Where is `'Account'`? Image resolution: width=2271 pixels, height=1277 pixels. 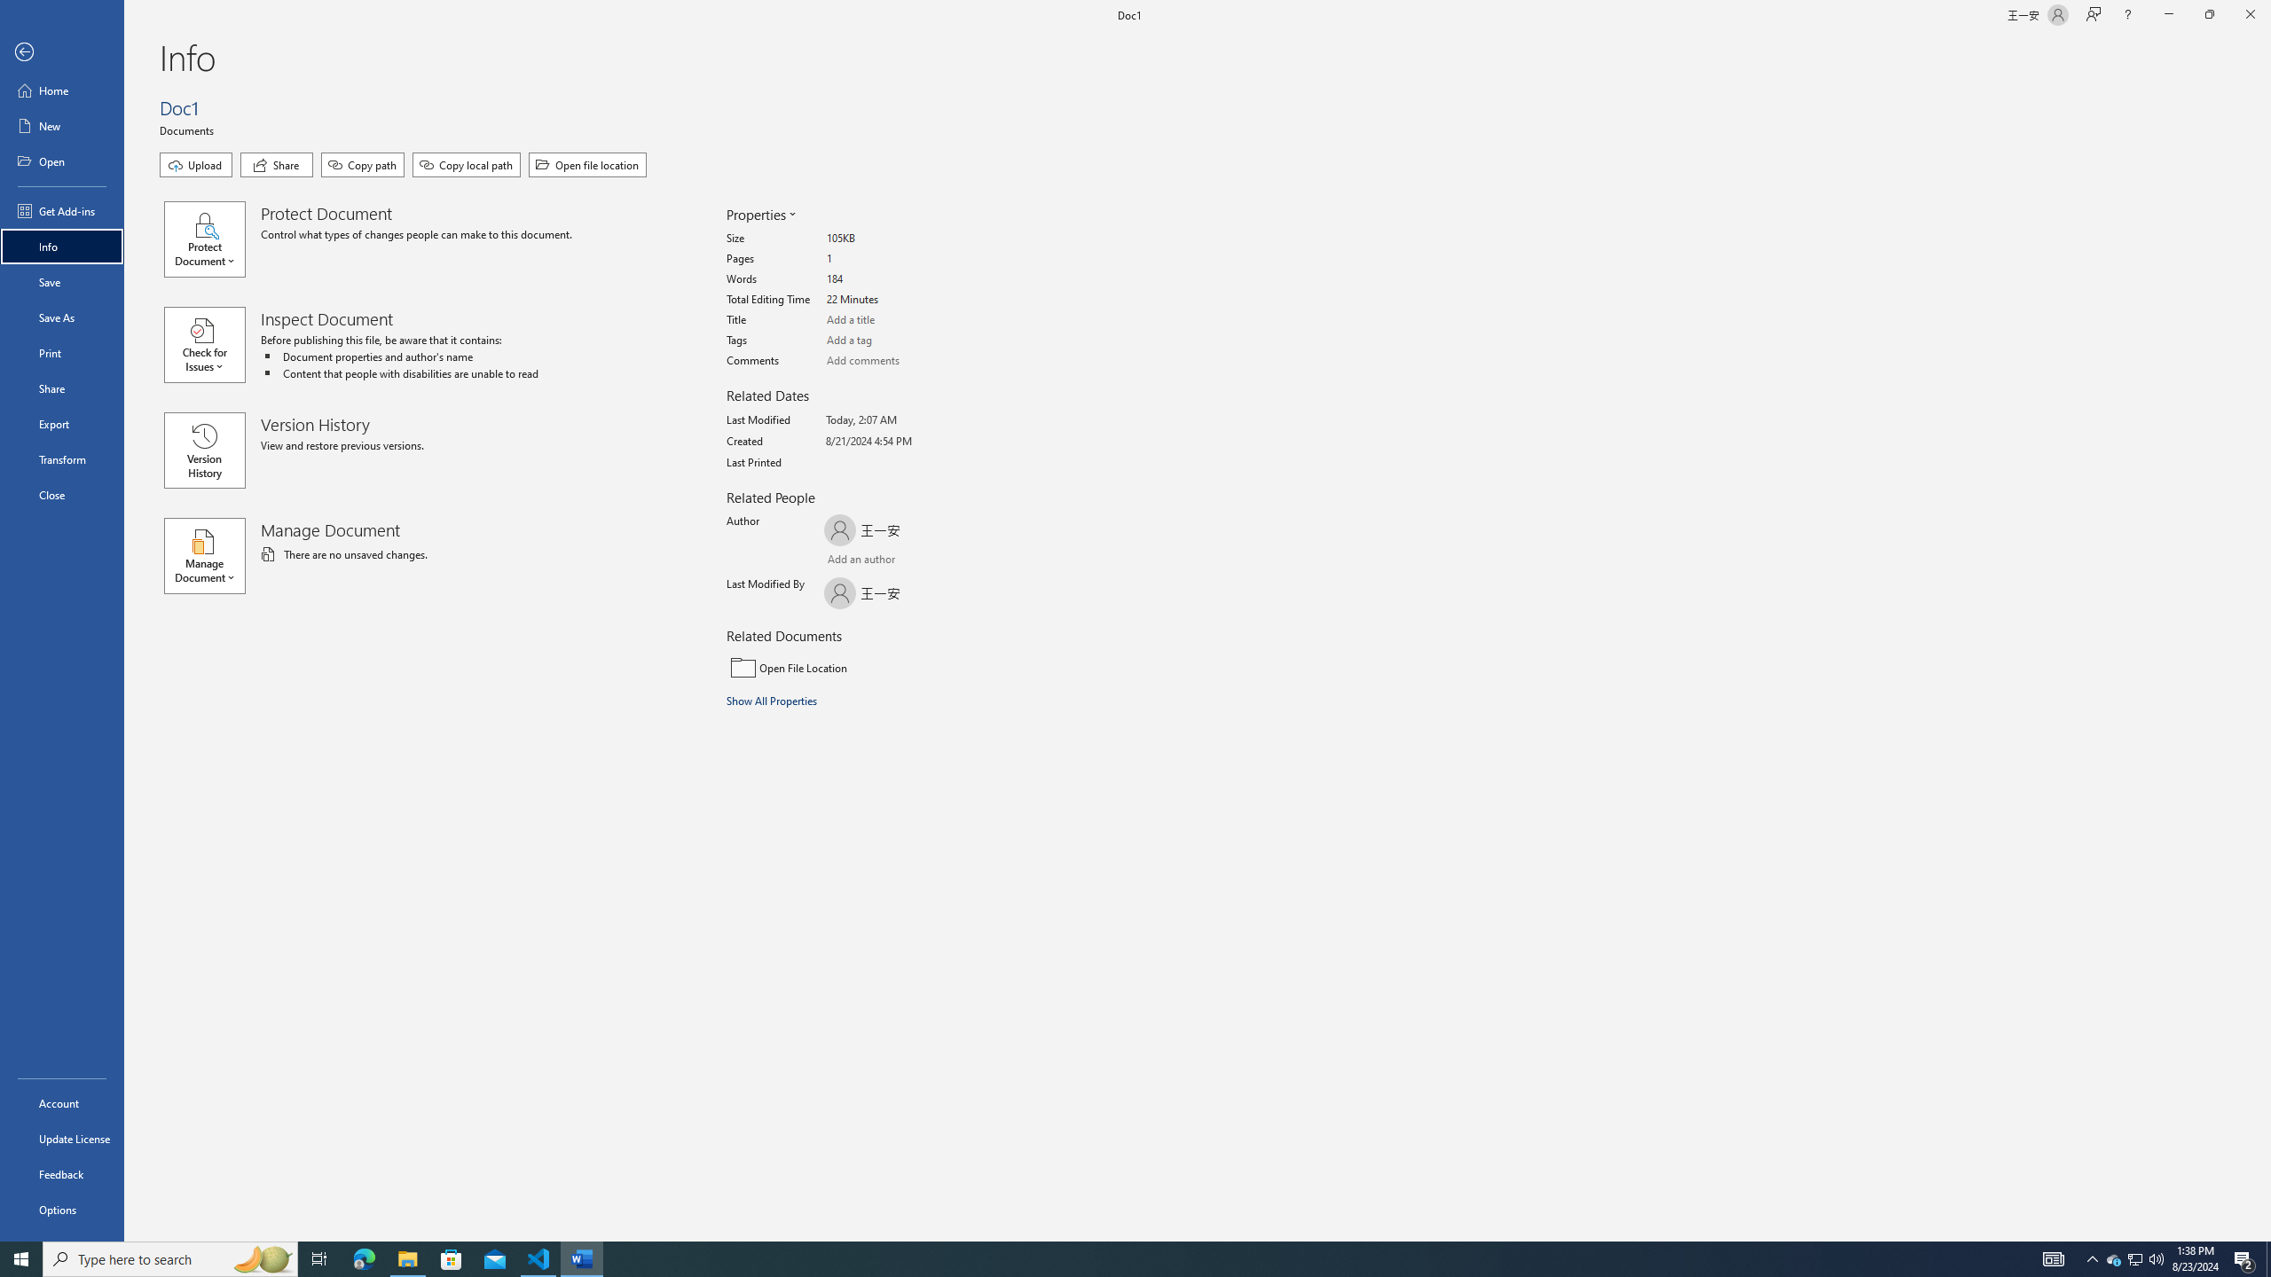 'Account' is located at coordinates (61, 1103).